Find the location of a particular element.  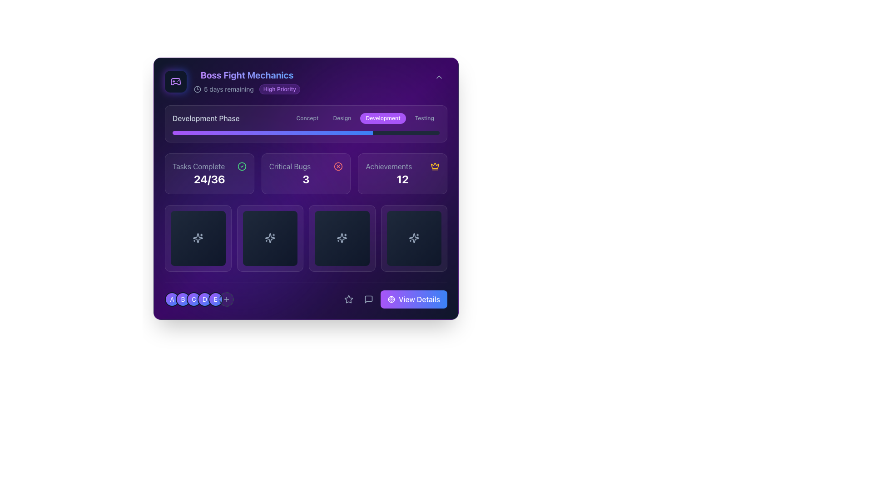

the 'Concept' phase button, which is a small, rounded label located at the top center of the interface beneath the title 'Development Phase' is located at coordinates (307, 118).